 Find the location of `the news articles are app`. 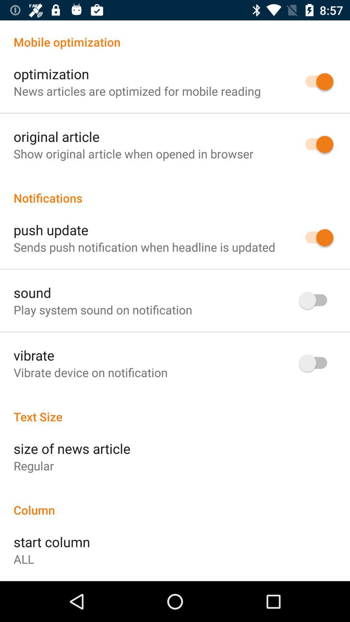

the news articles are app is located at coordinates (137, 91).